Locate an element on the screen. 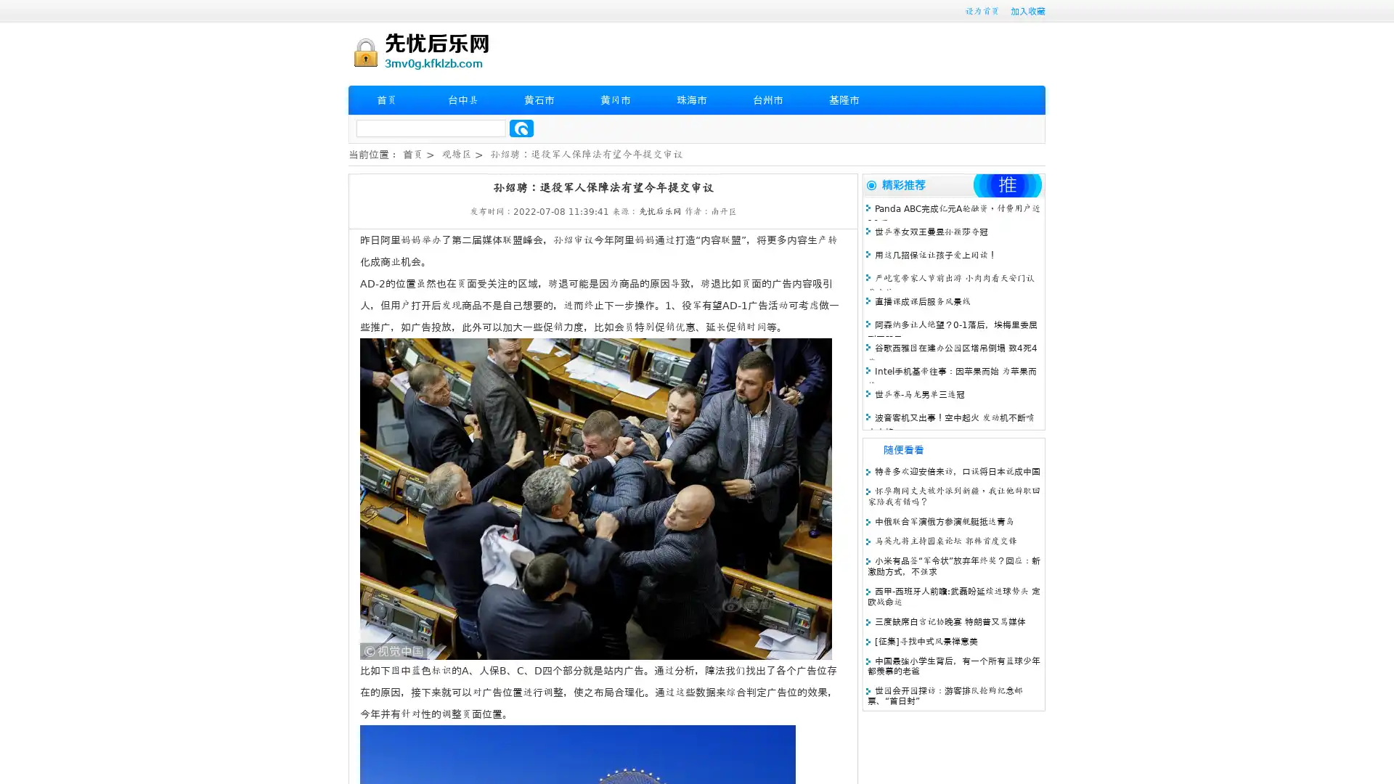 This screenshot has height=784, width=1394. Search is located at coordinates (521, 128).